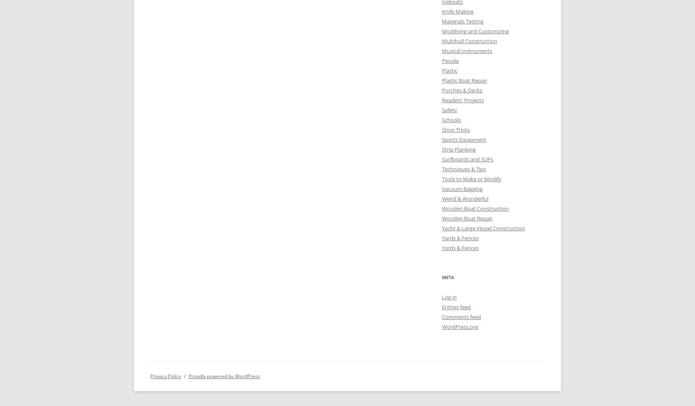 This screenshot has width=695, height=406. I want to click on 'Vacuum Bagging', so click(442, 188).